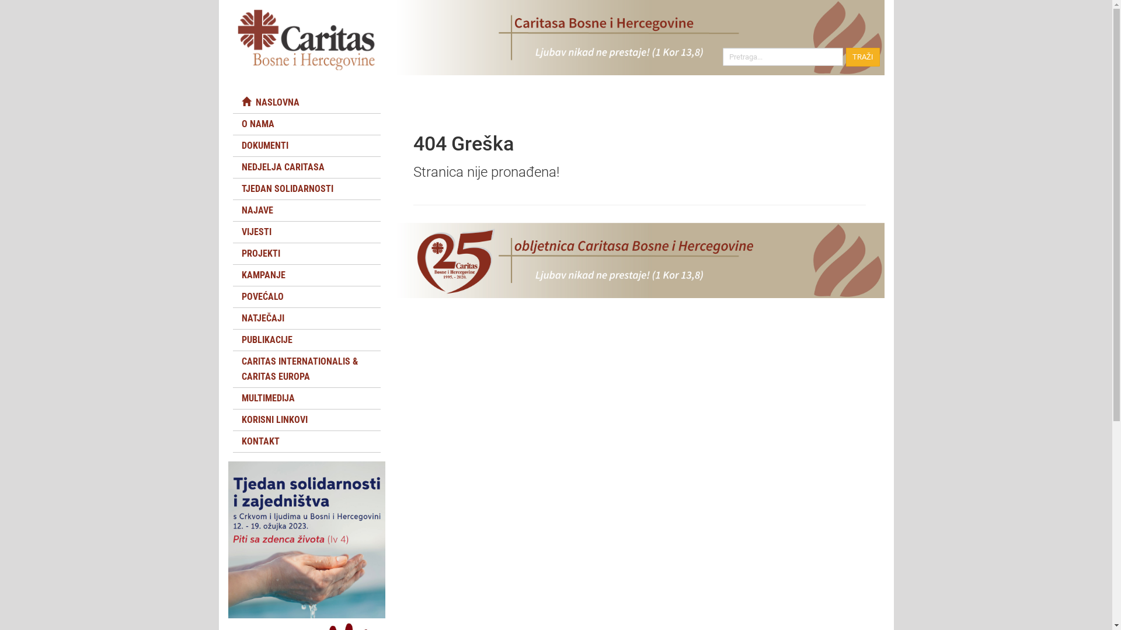 This screenshot has height=630, width=1121. What do you see at coordinates (232, 232) in the screenshot?
I see `'VIJESTI'` at bounding box center [232, 232].